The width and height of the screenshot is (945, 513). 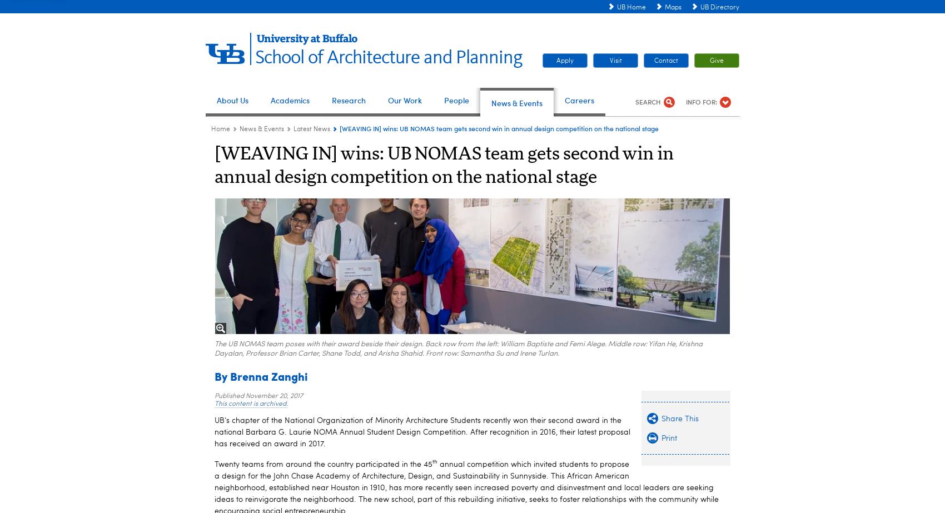 What do you see at coordinates (261, 375) in the screenshot?
I see `'By Brenna Zanghi'` at bounding box center [261, 375].